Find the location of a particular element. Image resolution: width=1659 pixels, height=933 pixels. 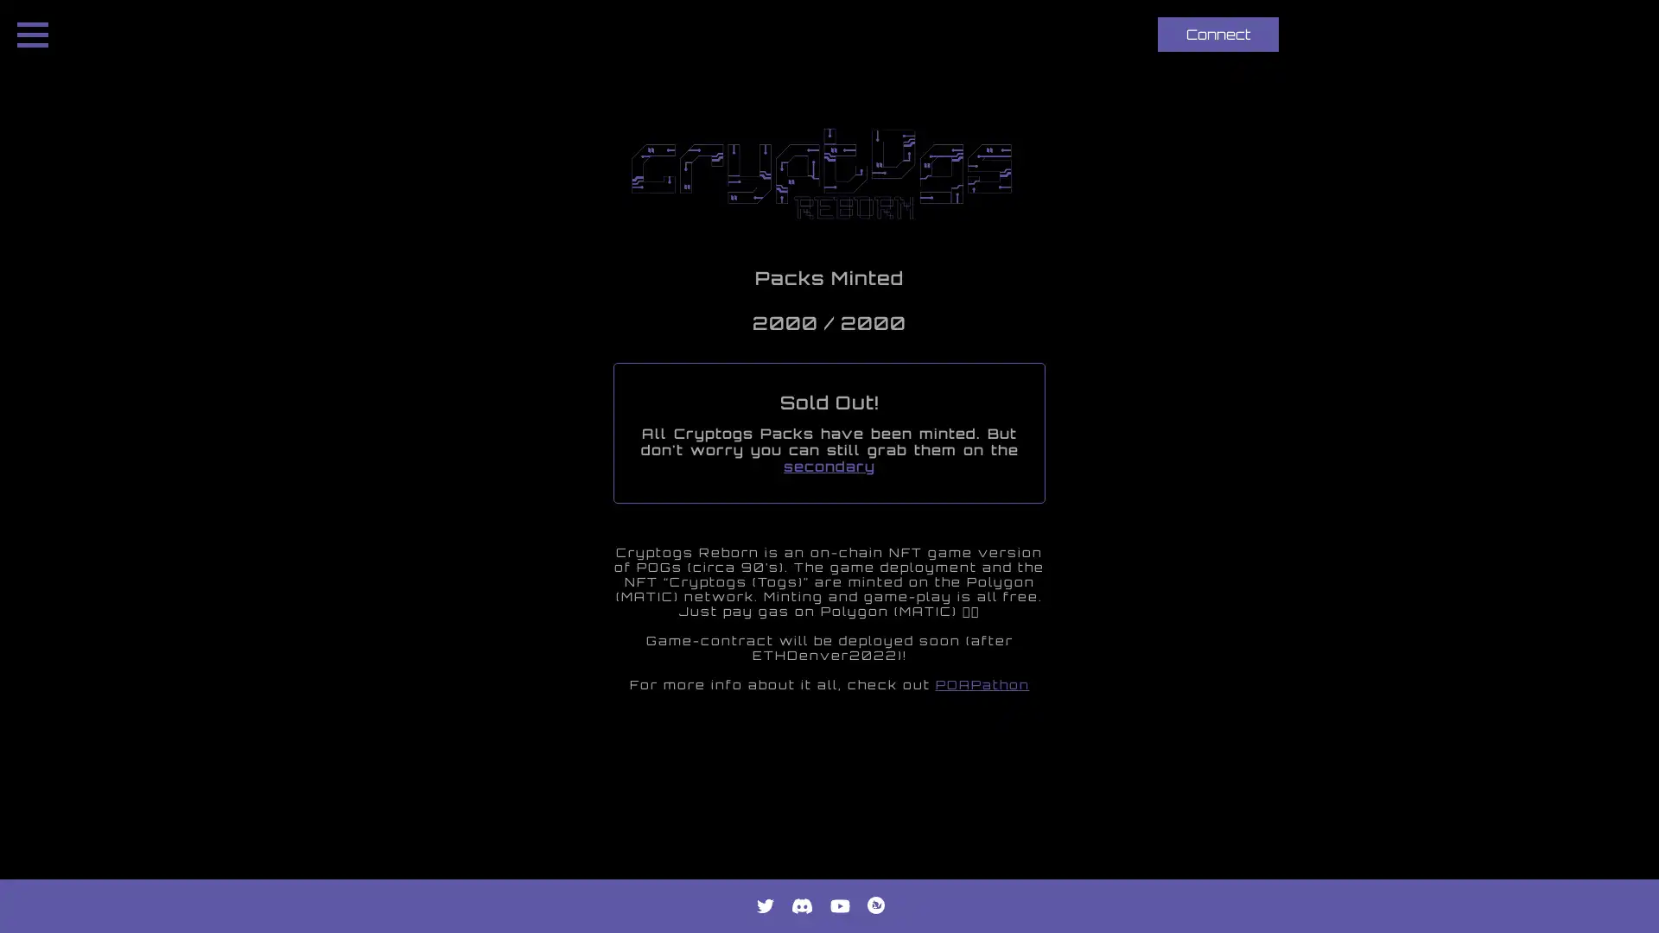

Connect is located at coordinates (1217, 34).